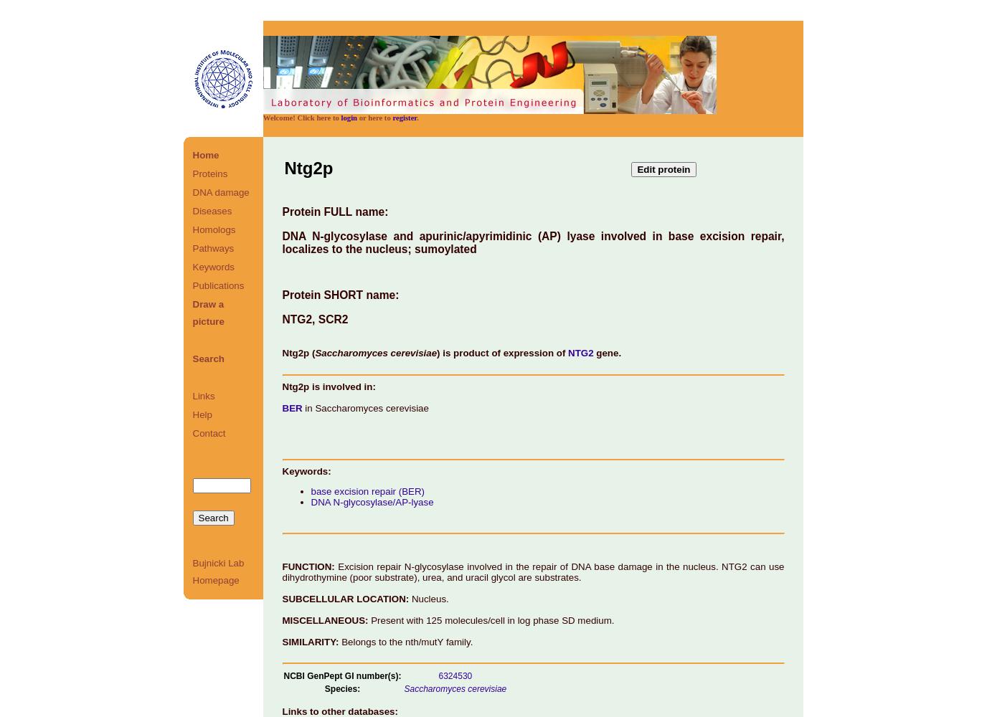 The image size is (987, 717). Describe the element at coordinates (310, 490) in the screenshot. I see `'base excision repair (BER)'` at that location.